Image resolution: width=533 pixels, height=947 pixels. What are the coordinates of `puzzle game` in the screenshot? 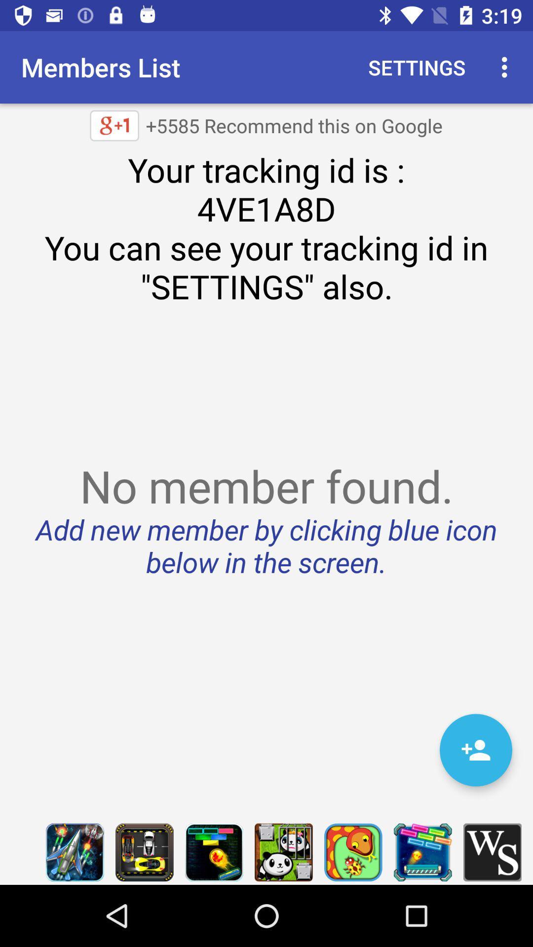 It's located at (213, 852).